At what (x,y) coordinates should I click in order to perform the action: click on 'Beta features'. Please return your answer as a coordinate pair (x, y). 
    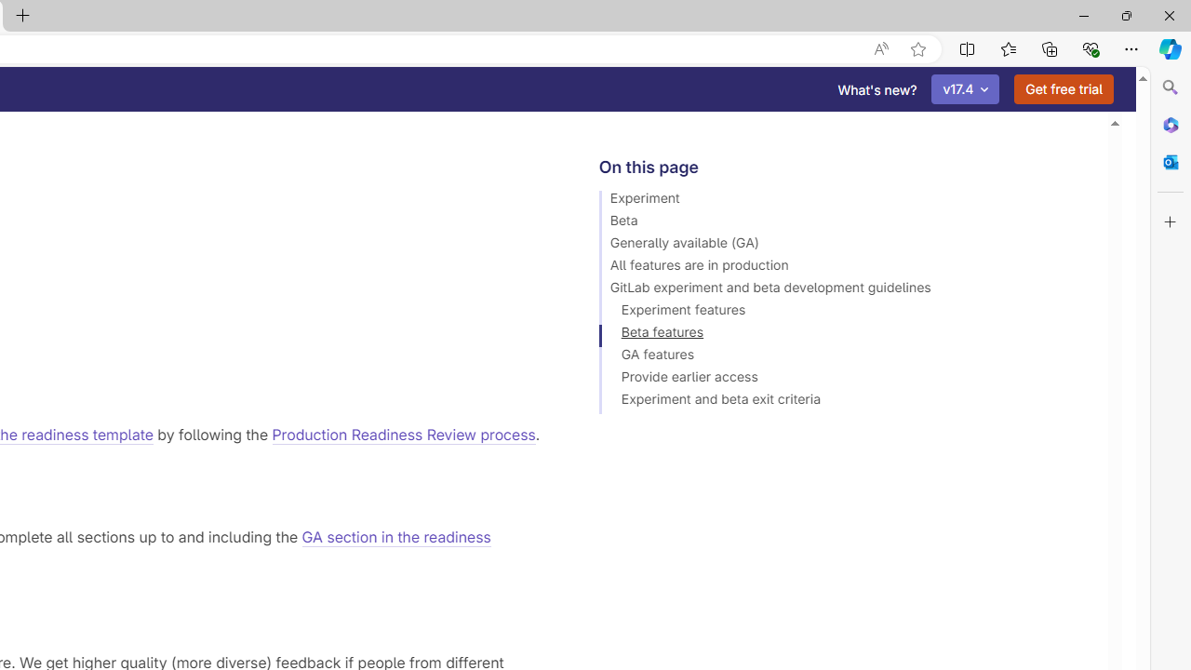
    Looking at the image, I should click on (844, 335).